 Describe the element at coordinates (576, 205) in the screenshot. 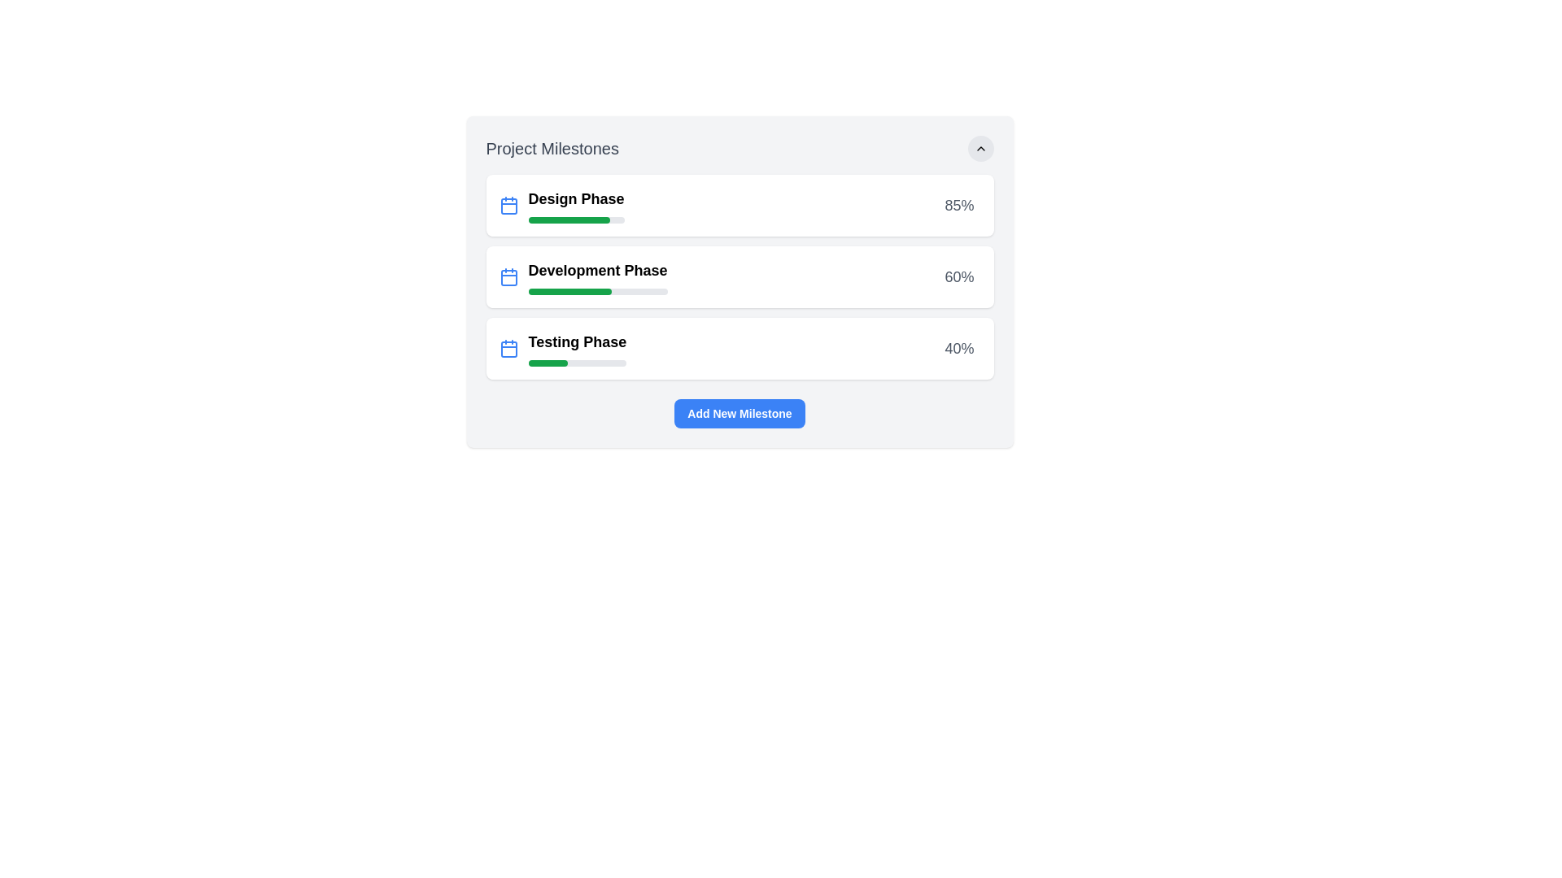

I see `the milestone header label located to the right of the blue calendar icon` at that location.